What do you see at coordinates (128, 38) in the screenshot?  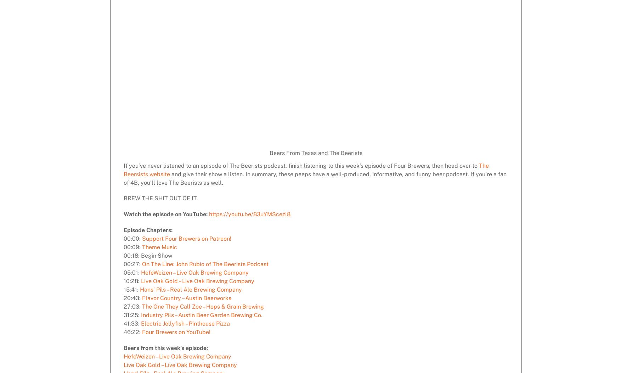 I see `'Leave a Reply'` at bounding box center [128, 38].